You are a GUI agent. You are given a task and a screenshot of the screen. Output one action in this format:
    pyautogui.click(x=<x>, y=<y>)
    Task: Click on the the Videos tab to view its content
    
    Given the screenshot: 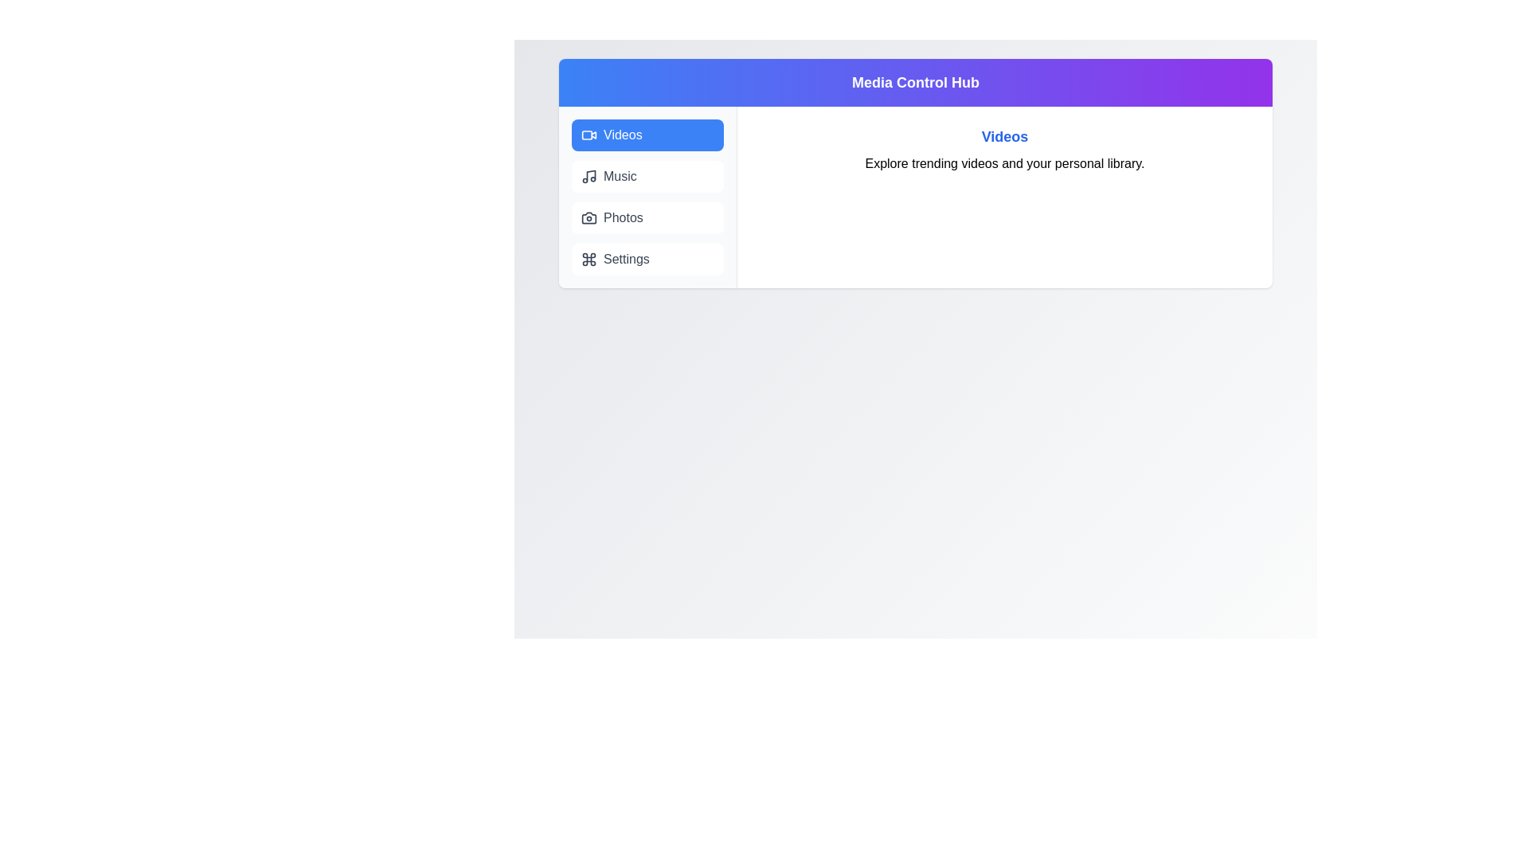 What is the action you would take?
    pyautogui.click(x=647, y=134)
    